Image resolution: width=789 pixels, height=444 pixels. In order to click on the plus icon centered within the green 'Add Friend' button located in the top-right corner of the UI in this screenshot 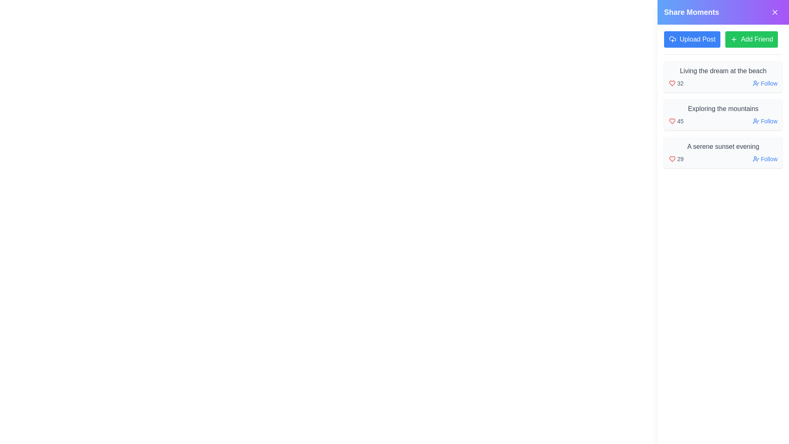, I will do `click(734, 39)`.